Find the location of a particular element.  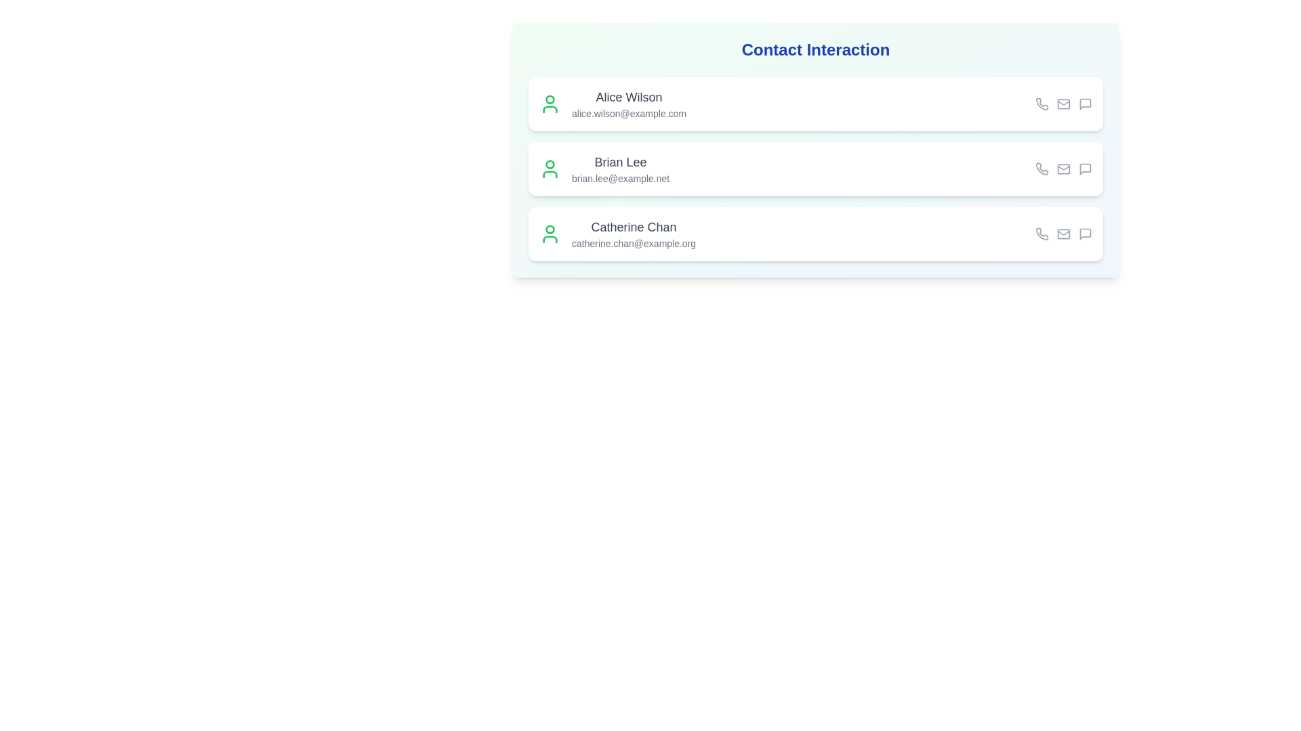

mail icon for Brian Lee to simulate composing an email is located at coordinates (1062, 169).